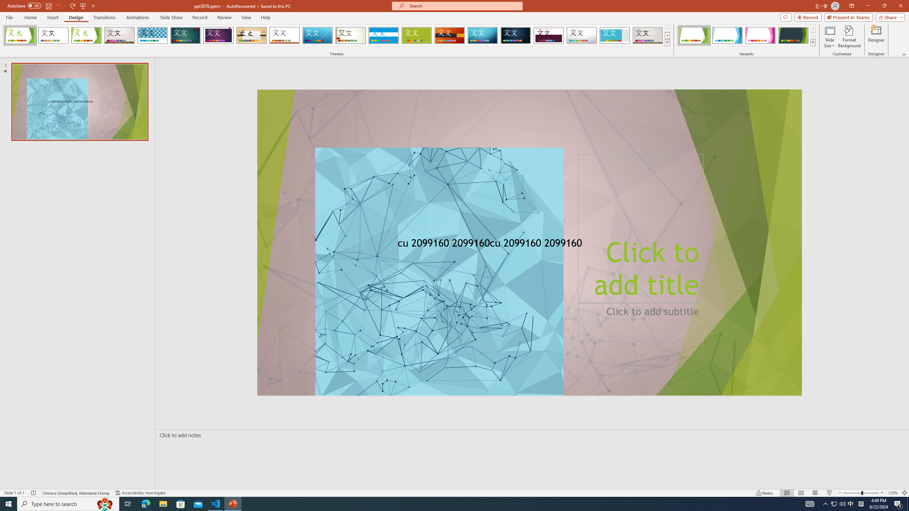  I want to click on 'Facet Variant 3', so click(760, 35).